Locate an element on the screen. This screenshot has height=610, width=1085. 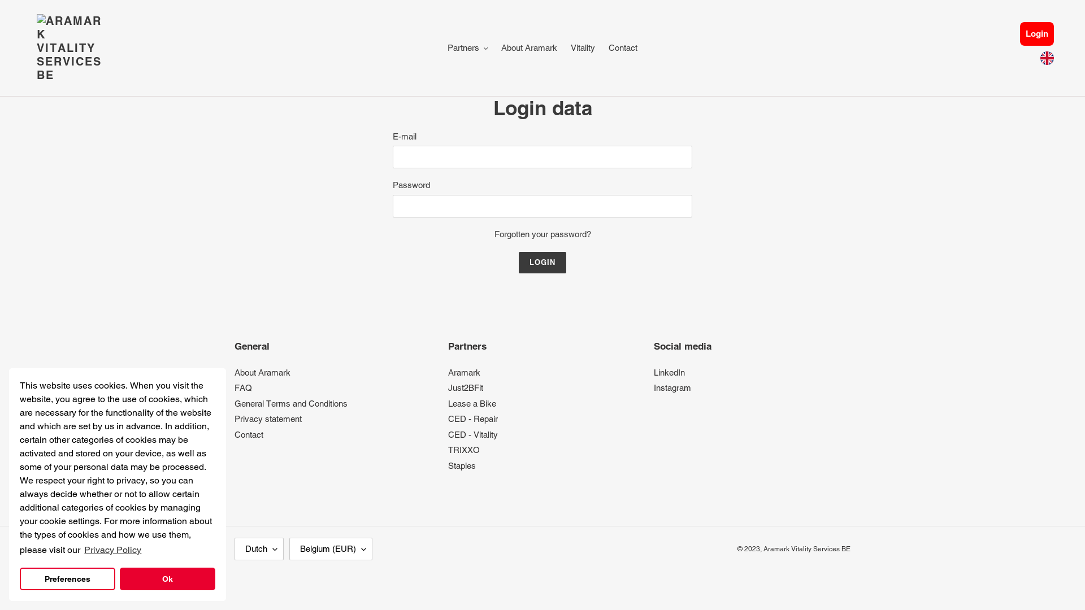
'About Aramark' is located at coordinates (528, 47).